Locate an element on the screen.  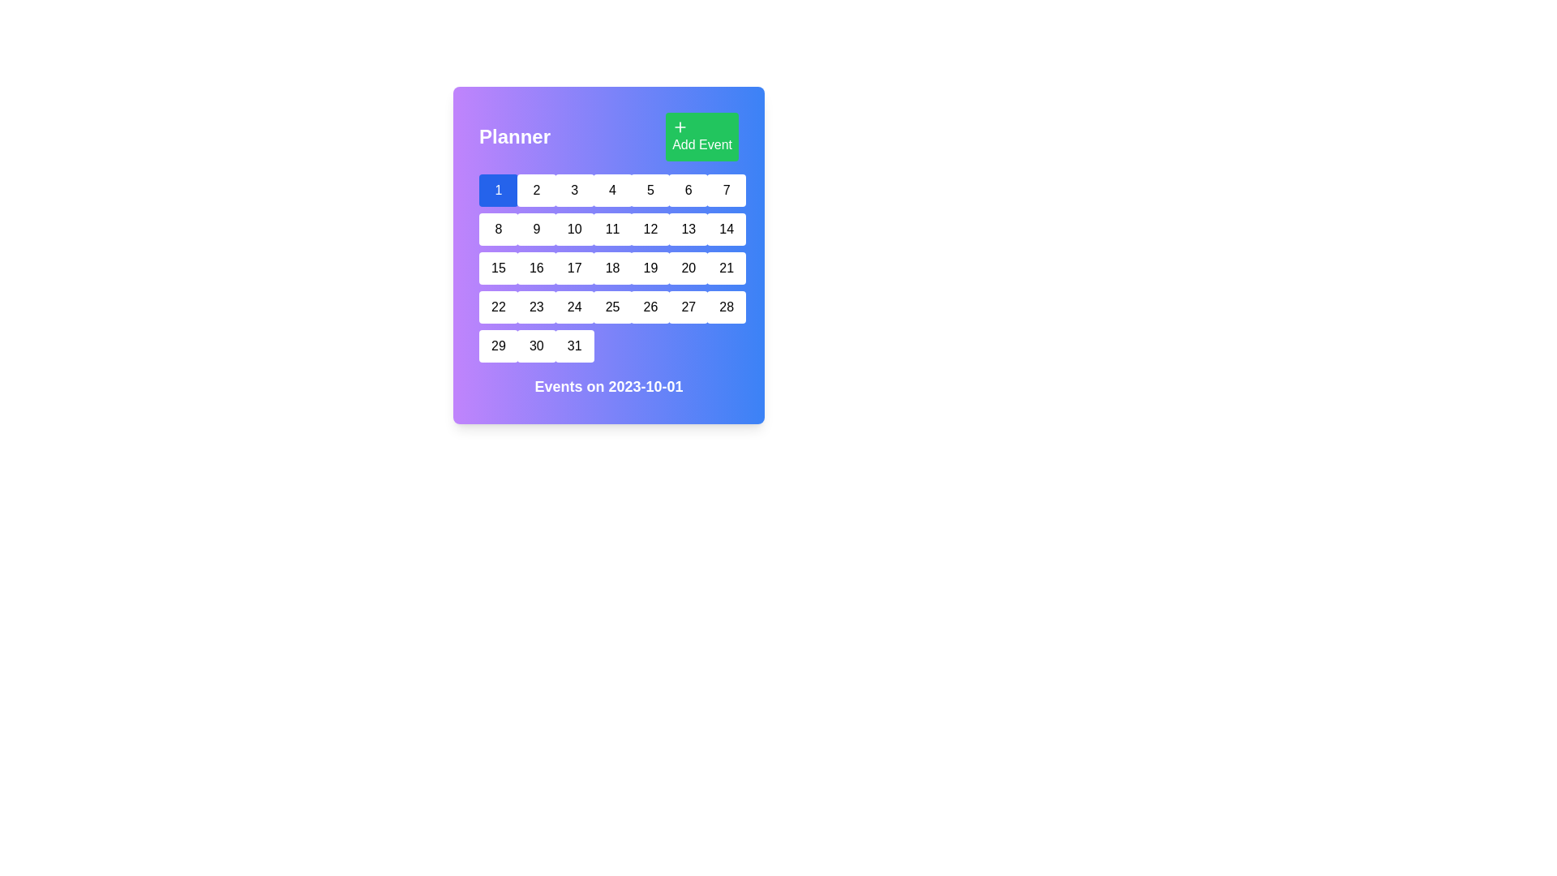
the rectangular button displaying the number '11' with a white background and black text, located in the second row and fourth column of the button grid in the planner UI is located at coordinates (611, 229).